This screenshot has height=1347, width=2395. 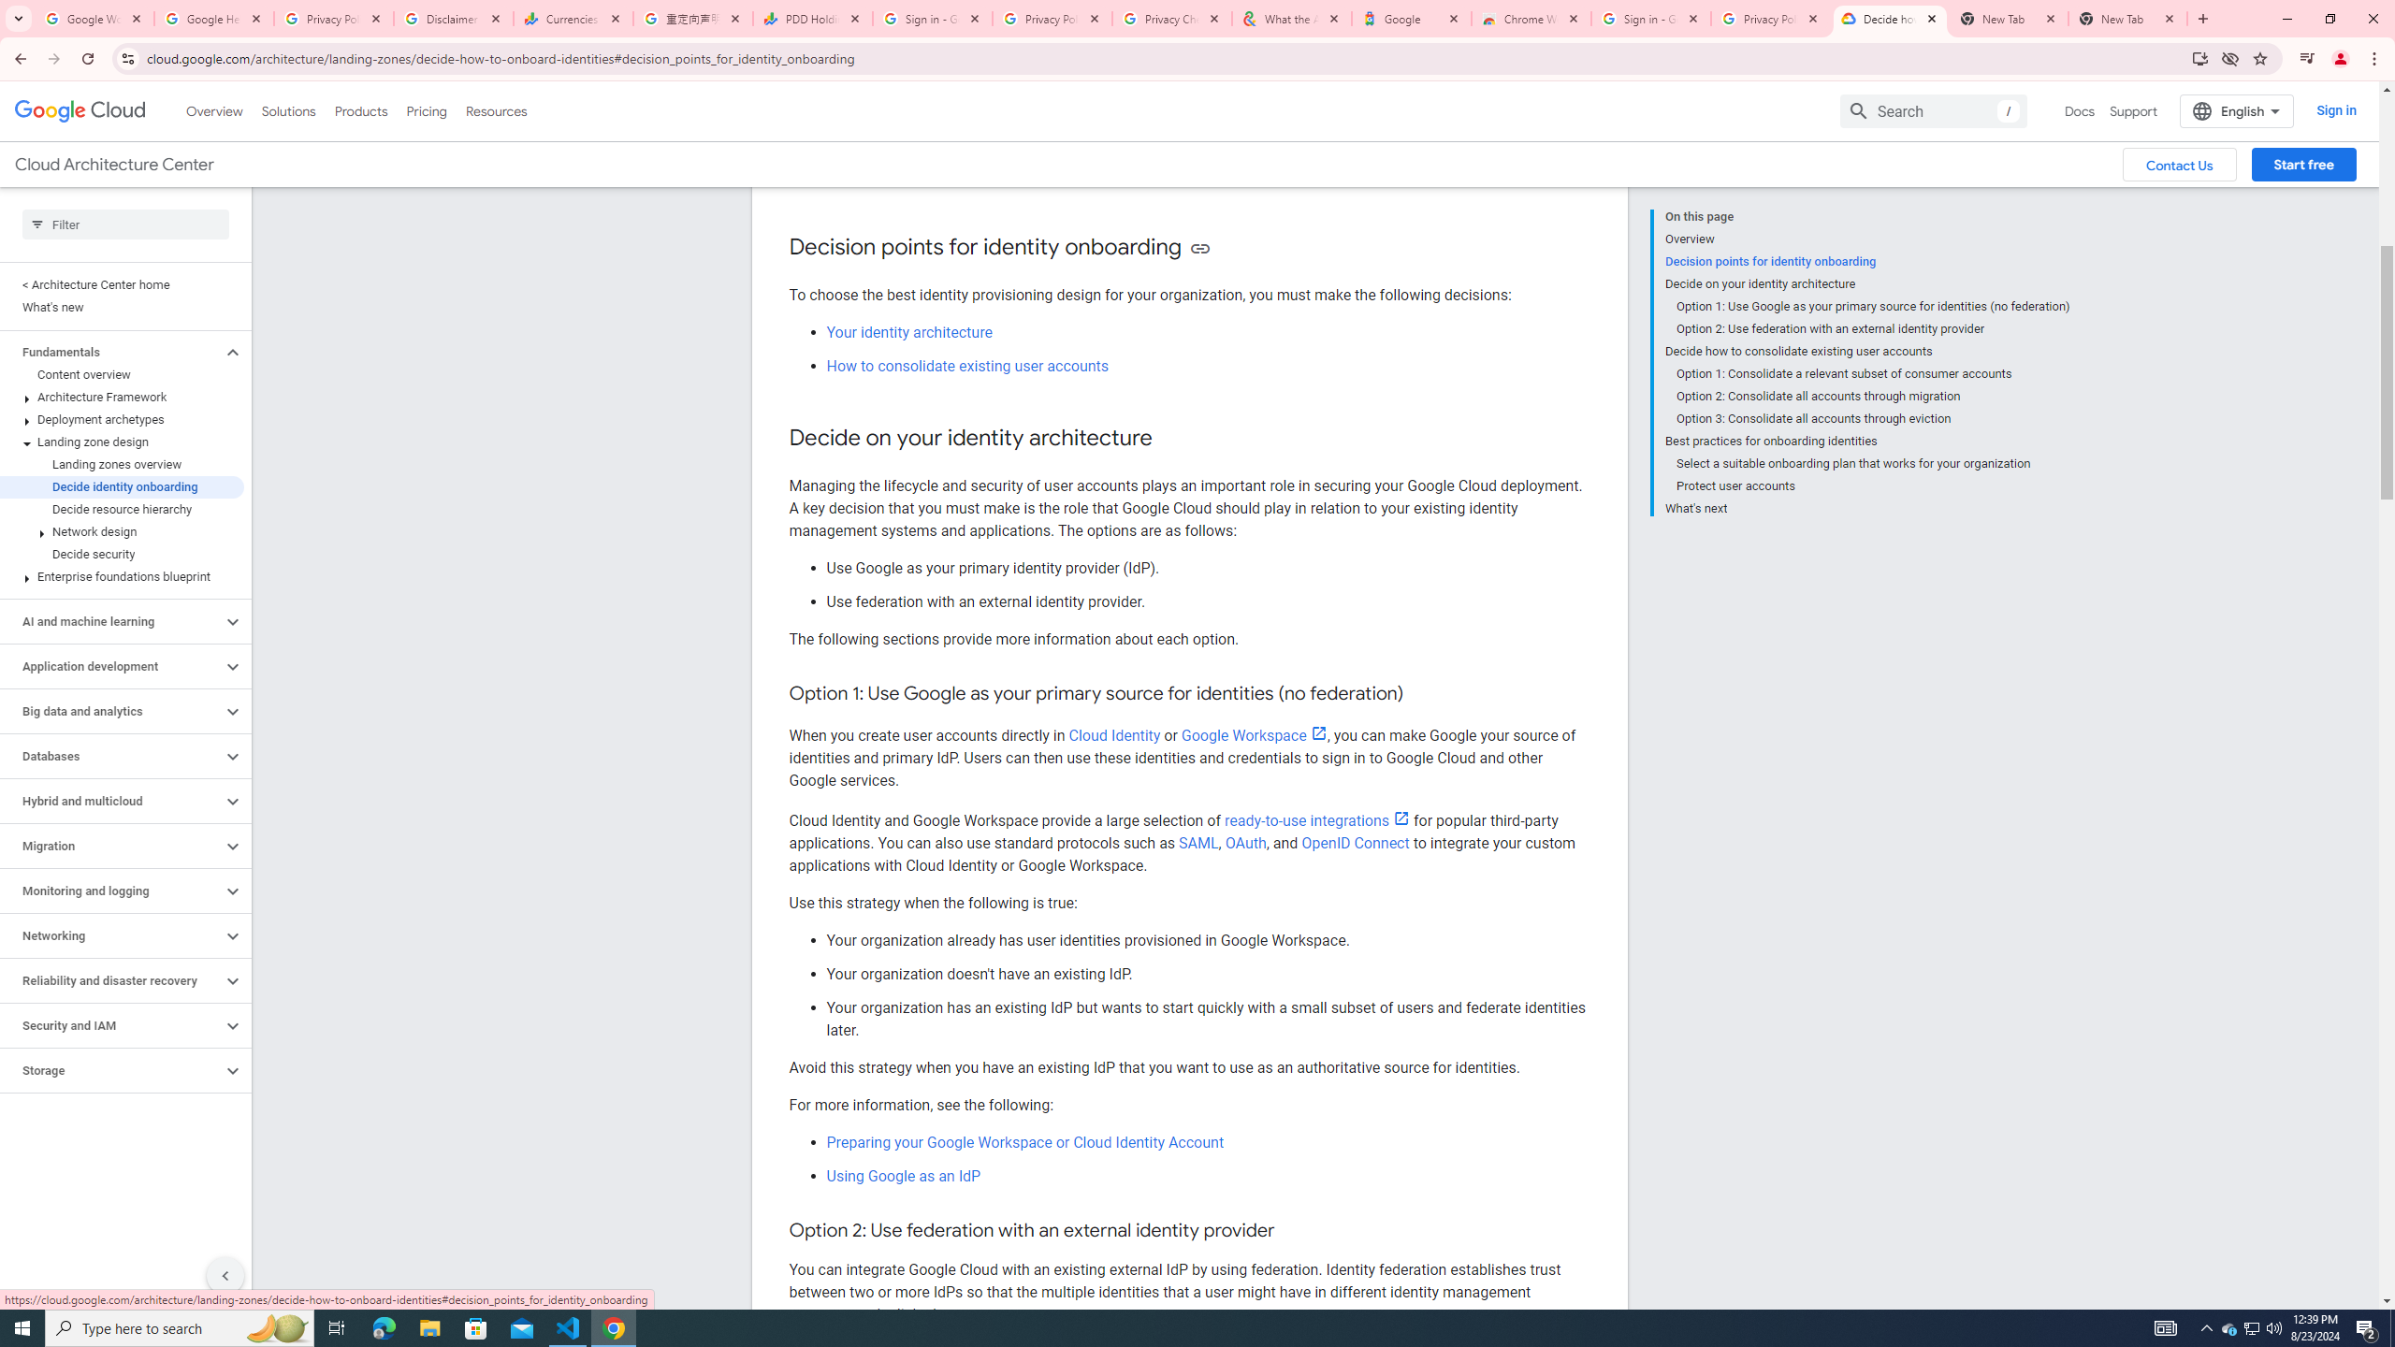 What do you see at coordinates (907, 330) in the screenshot?
I see `'Your identity architecture'` at bounding box center [907, 330].